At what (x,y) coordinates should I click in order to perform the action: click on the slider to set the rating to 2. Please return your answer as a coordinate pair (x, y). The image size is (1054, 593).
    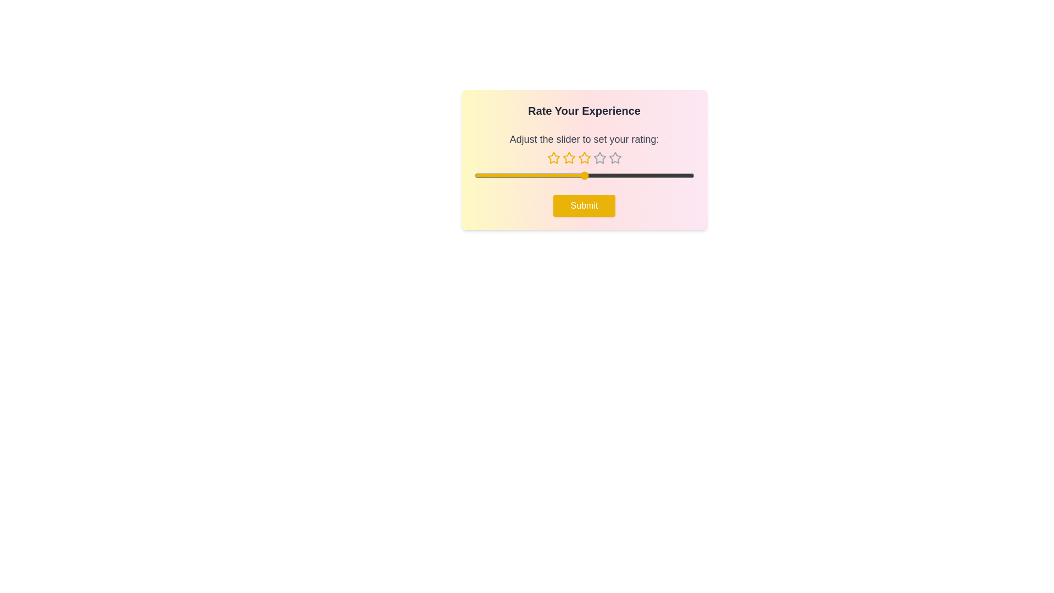
    Looking at the image, I should click on (529, 175).